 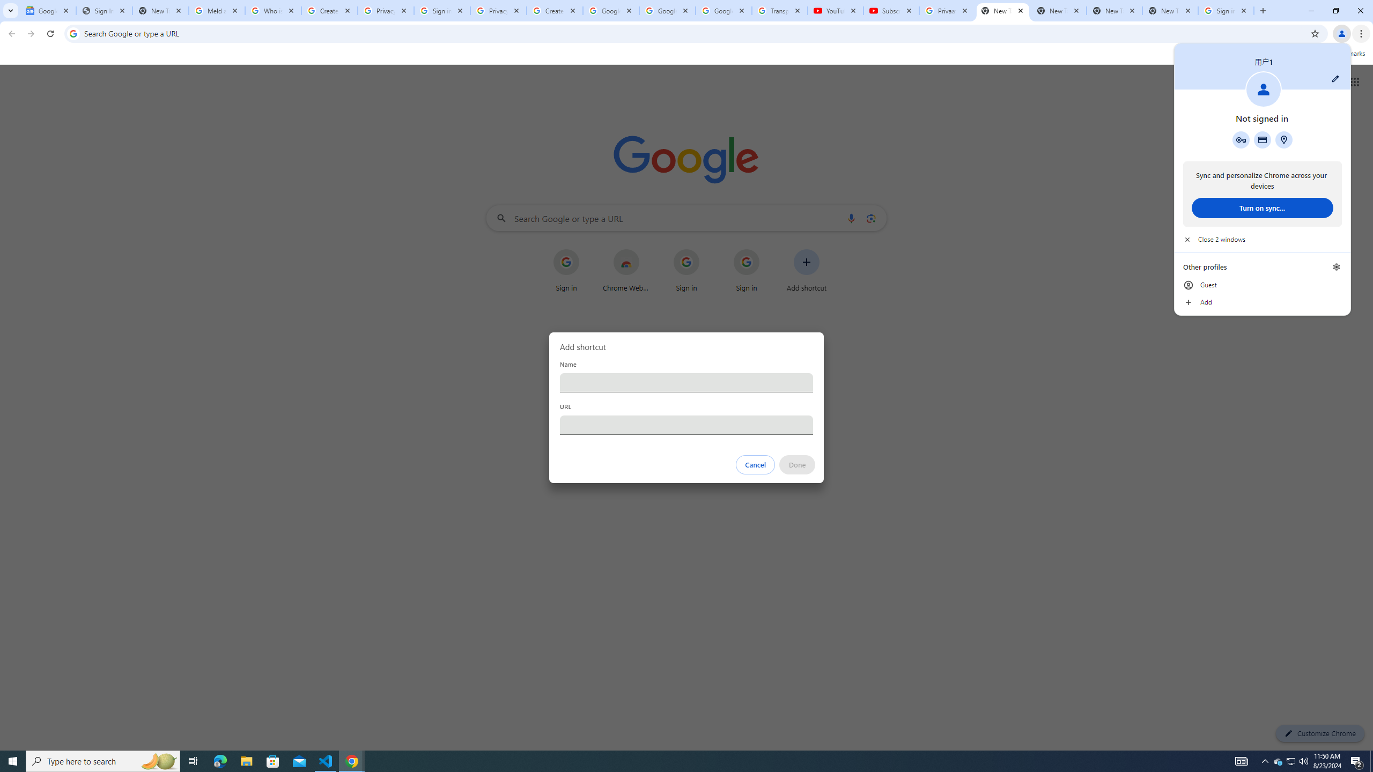 What do you see at coordinates (1283, 139) in the screenshot?
I see `'Addresses and more'` at bounding box center [1283, 139].